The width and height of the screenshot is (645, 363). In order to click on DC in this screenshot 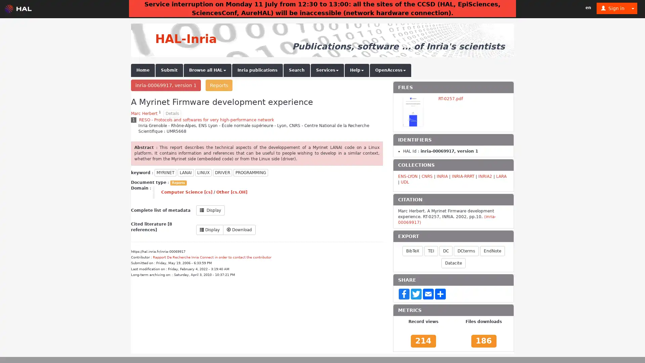, I will do `click(445, 250)`.